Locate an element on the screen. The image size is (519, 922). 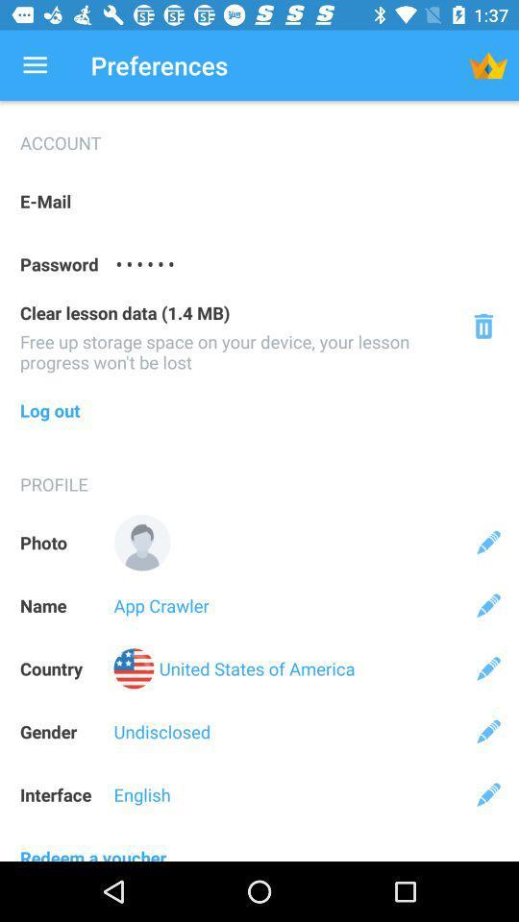
edit the detail is located at coordinates (488, 543).